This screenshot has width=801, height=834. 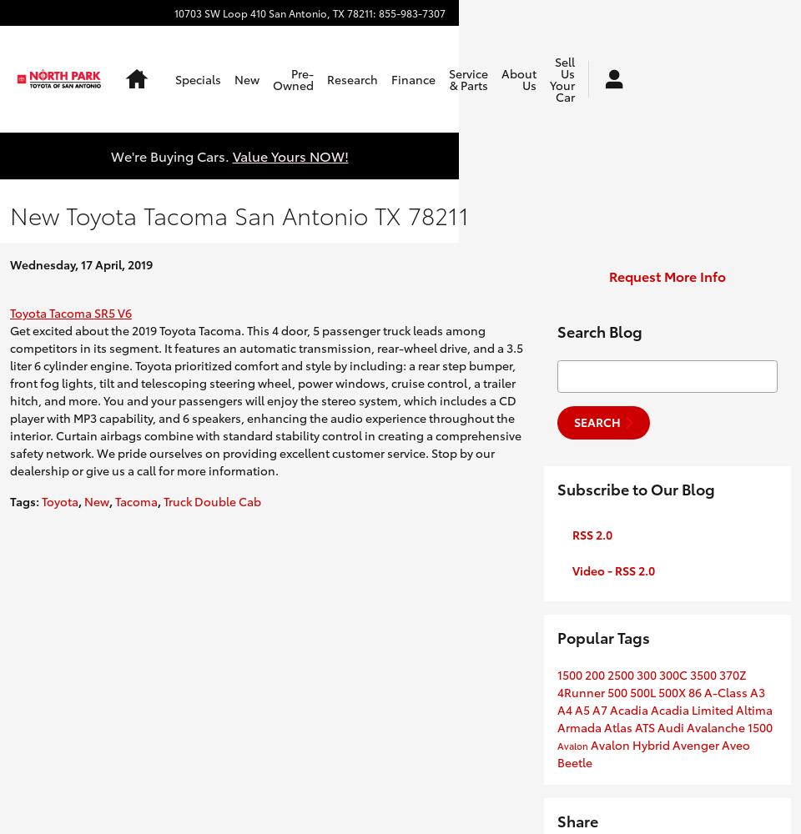 What do you see at coordinates (239, 214) in the screenshot?
I see `'New Toyota Tacoma San Antonio TX 78211'` at bounding box center [239, 214].